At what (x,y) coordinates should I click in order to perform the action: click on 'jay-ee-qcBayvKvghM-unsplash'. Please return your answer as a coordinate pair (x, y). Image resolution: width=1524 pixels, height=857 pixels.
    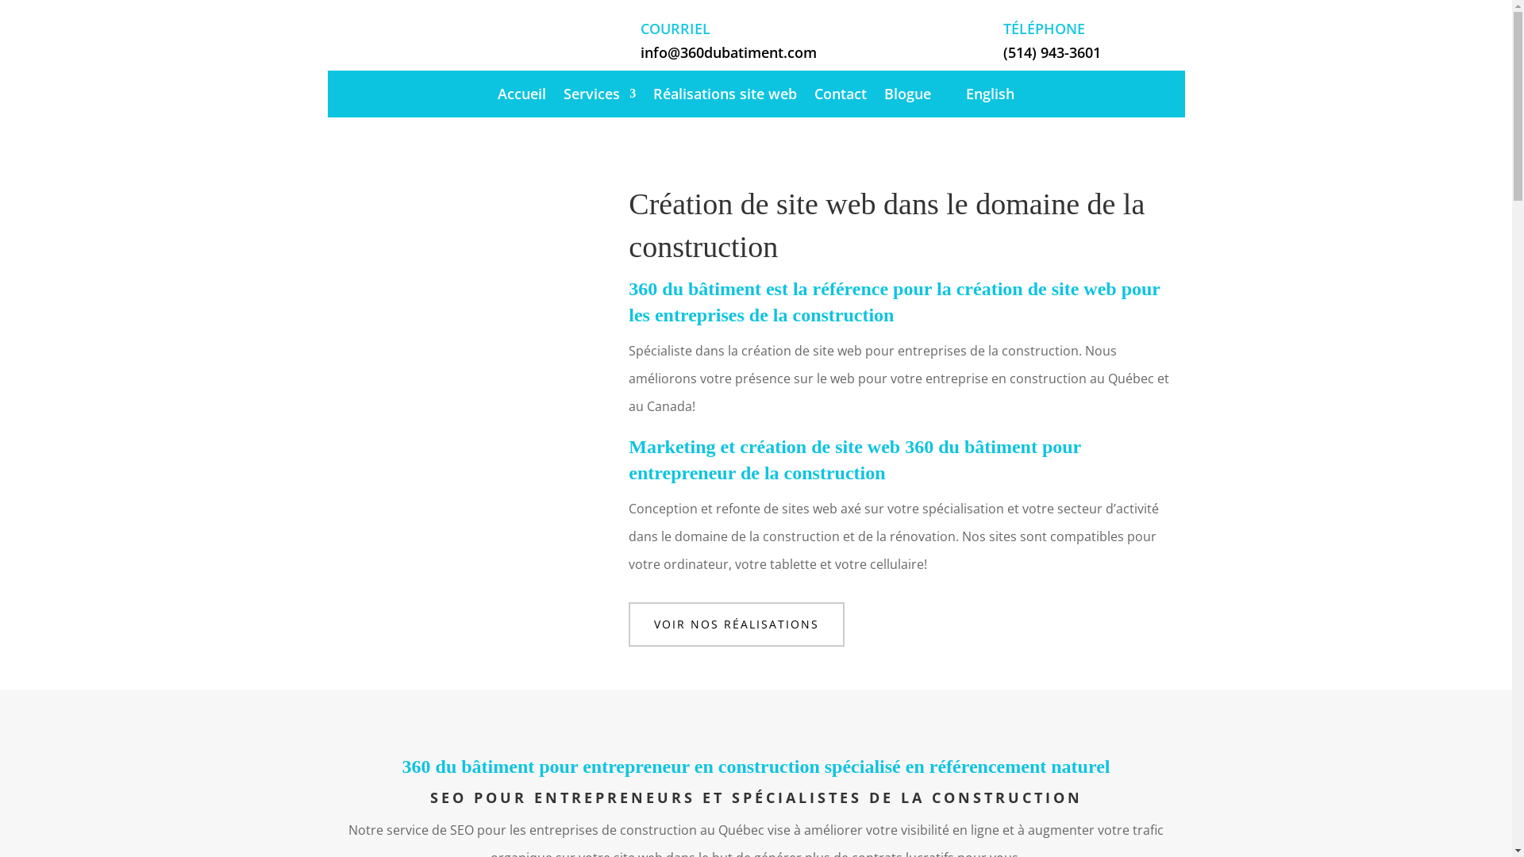
    Looking at the image, I should click on (452, 350).